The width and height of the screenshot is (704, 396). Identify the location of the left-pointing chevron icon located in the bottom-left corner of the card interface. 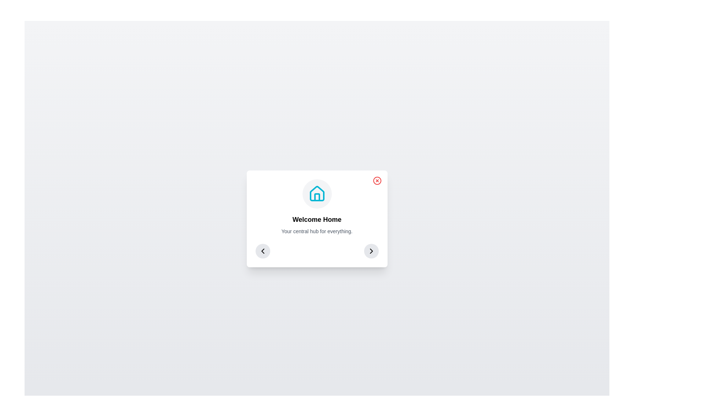
(263, 251).